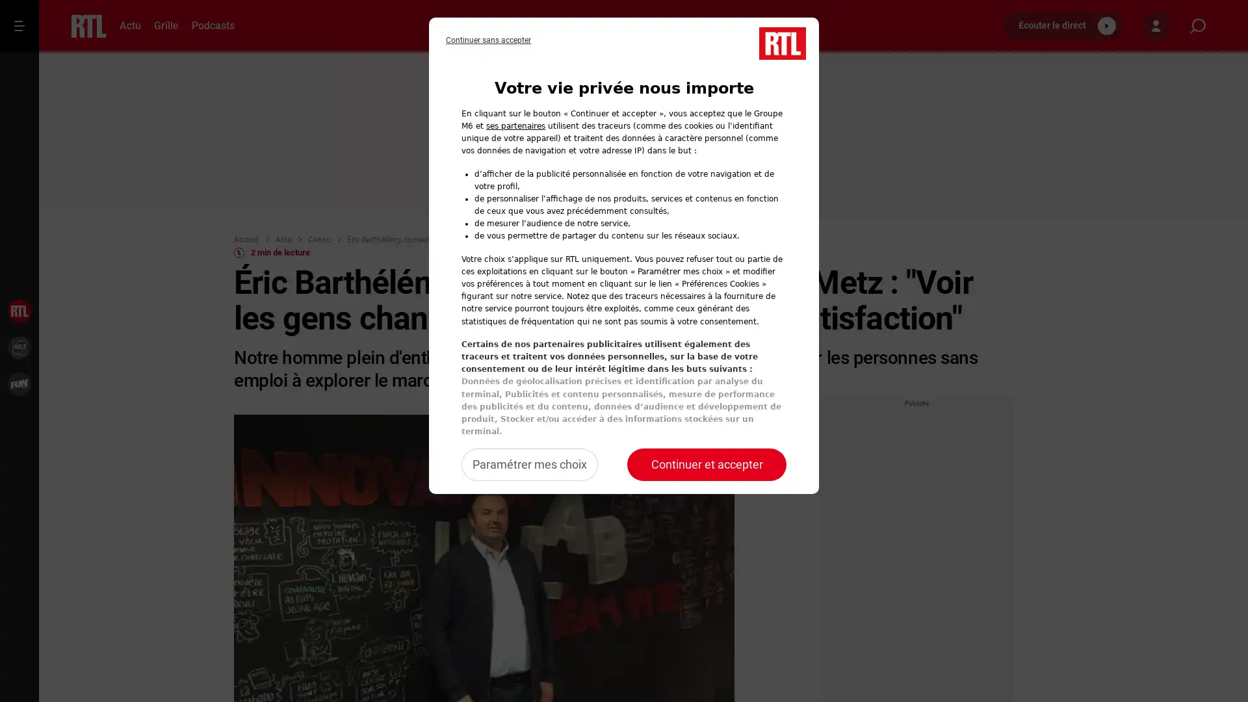 This screenshot has height=702, width=1248. I want to click on Ecouter le direct, so click(1063, 25).